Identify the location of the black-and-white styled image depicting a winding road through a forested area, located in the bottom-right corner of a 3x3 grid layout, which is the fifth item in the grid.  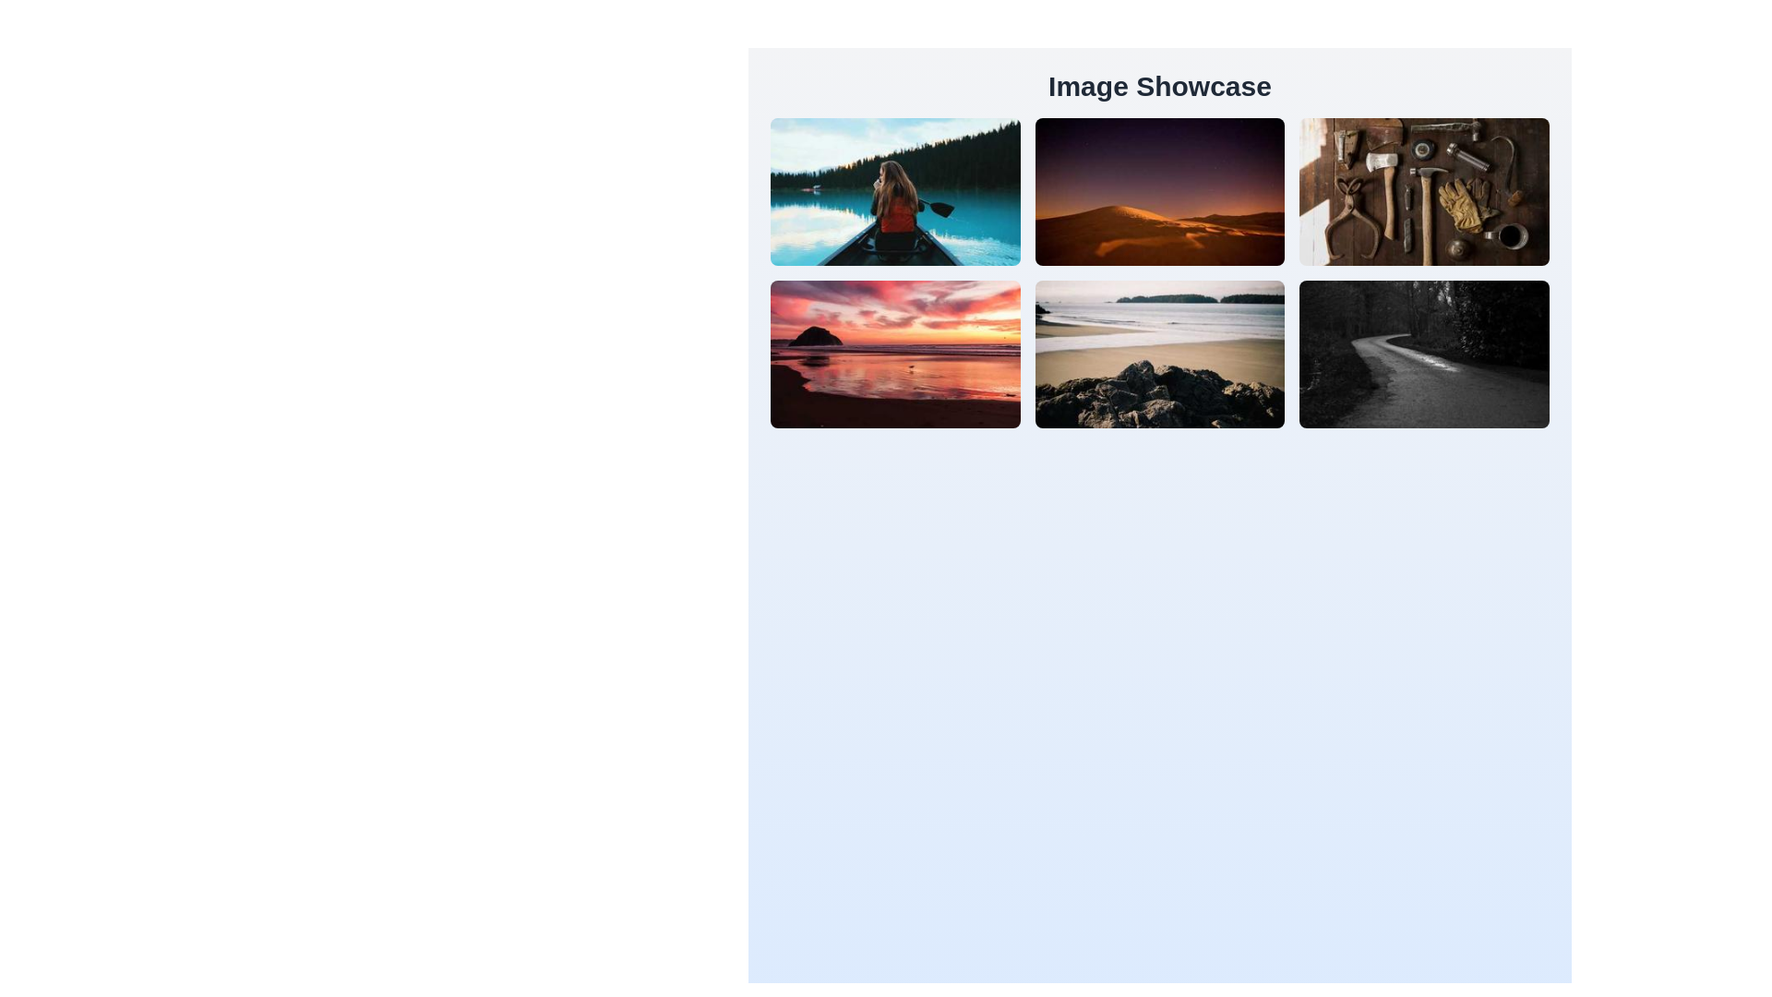
(1423, 354).